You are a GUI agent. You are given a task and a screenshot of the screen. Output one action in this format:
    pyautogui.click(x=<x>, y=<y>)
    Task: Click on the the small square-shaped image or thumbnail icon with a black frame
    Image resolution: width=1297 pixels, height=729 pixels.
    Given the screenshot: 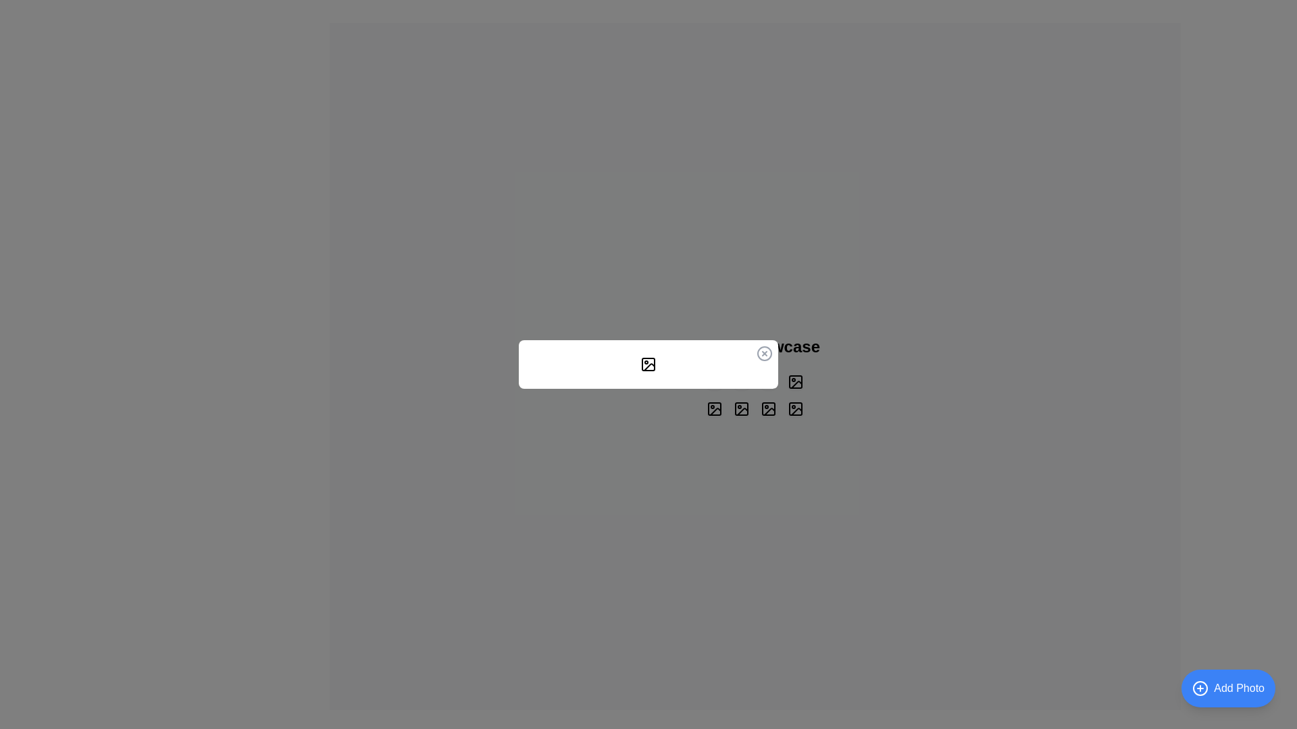 What is the action you would take?
    pyautogui.click(x=795, y=382)
    